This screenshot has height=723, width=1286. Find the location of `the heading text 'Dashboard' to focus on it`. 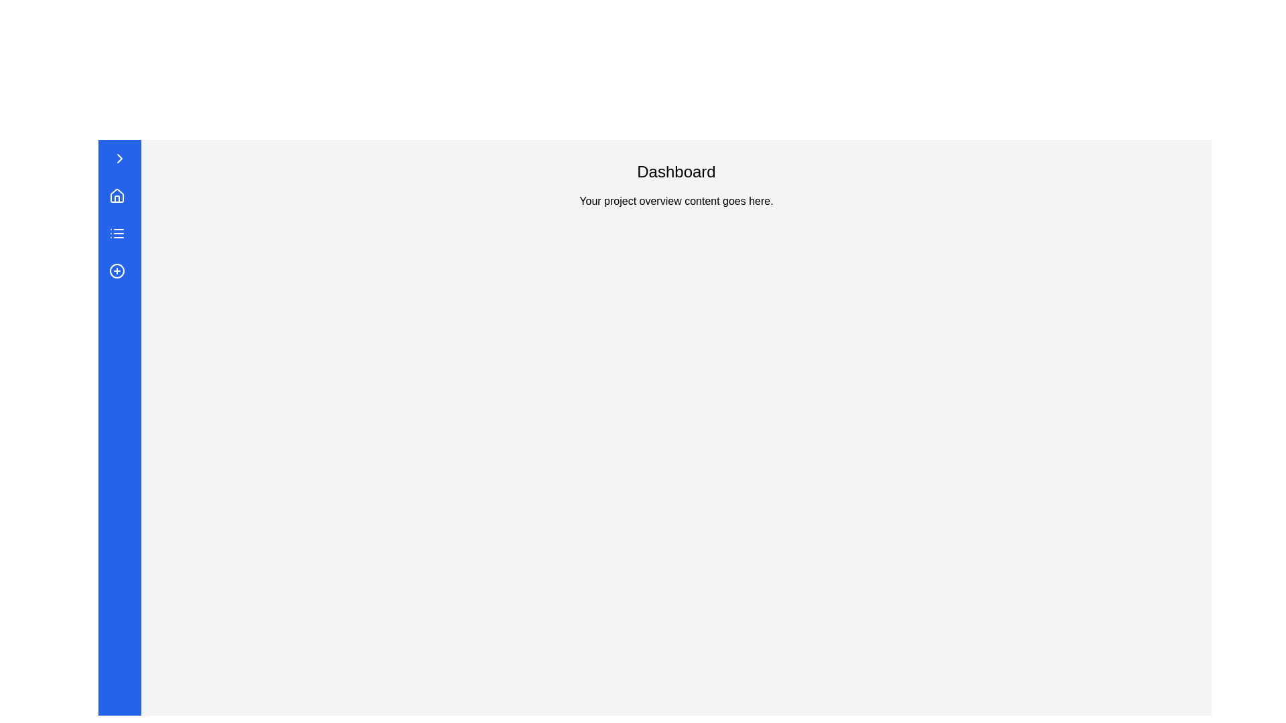

the heading text 'Dashboard' to focus on it is located at coordinates (676, 171).